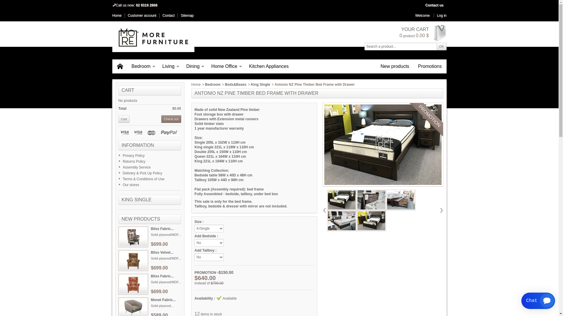 This screenshot has height=316, width=563. I want to click on 'Bliss Velvet...', so click(162, 252).